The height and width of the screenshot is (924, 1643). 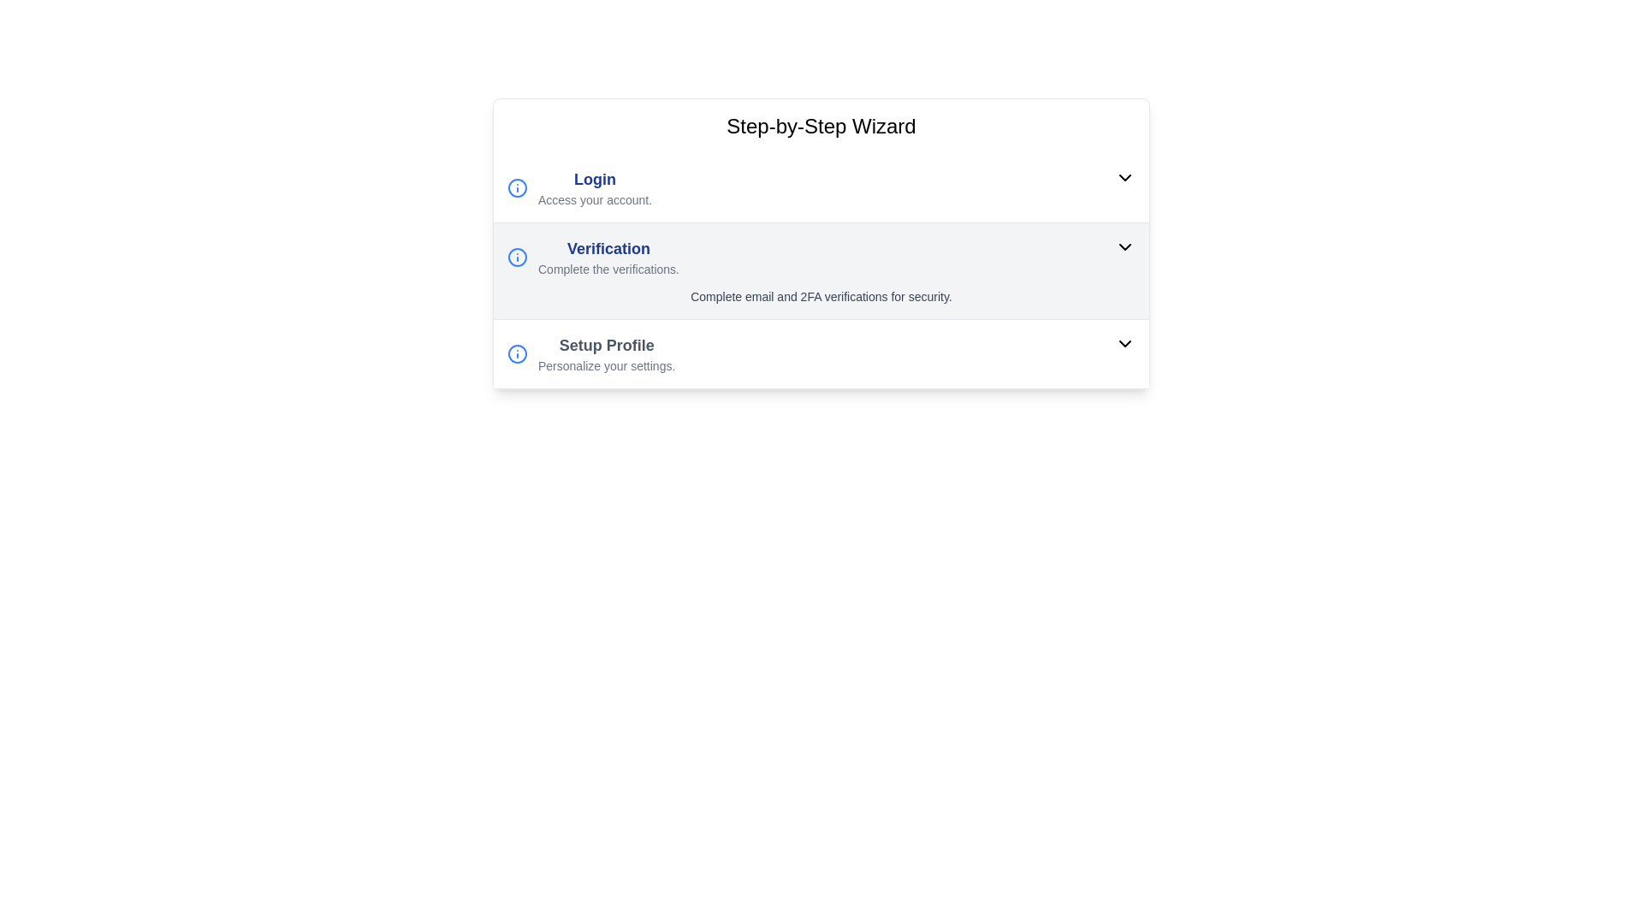 I want to click on the Chevron Down icon located at the top-right corner of the 'Verification' section, which serves as an interactive control for expanding or collapsing that section, so click(x=1125, y=247).